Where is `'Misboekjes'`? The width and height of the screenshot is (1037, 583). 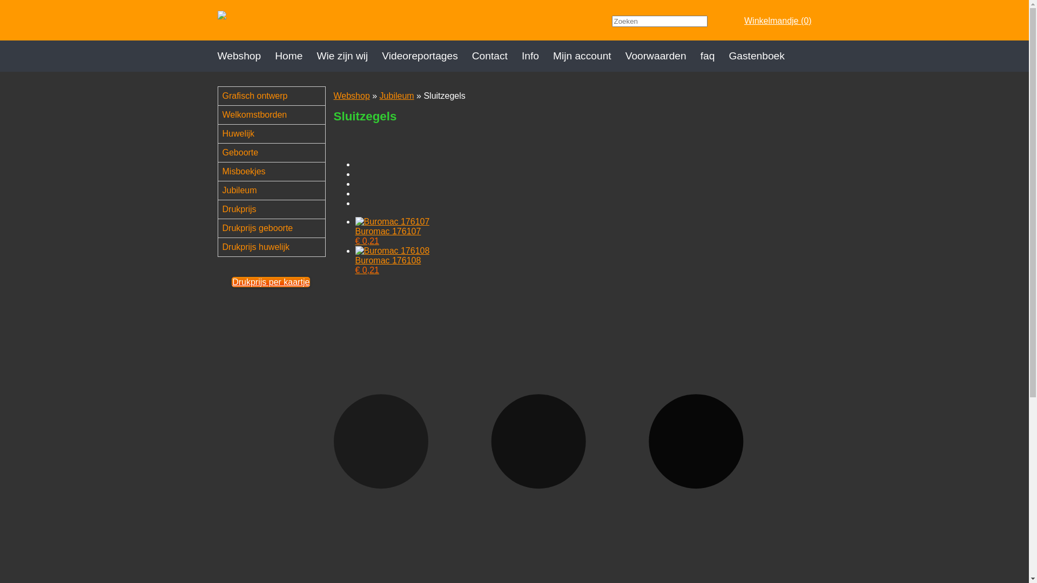 'Misboekjes' is located at coordinates (275, 171).